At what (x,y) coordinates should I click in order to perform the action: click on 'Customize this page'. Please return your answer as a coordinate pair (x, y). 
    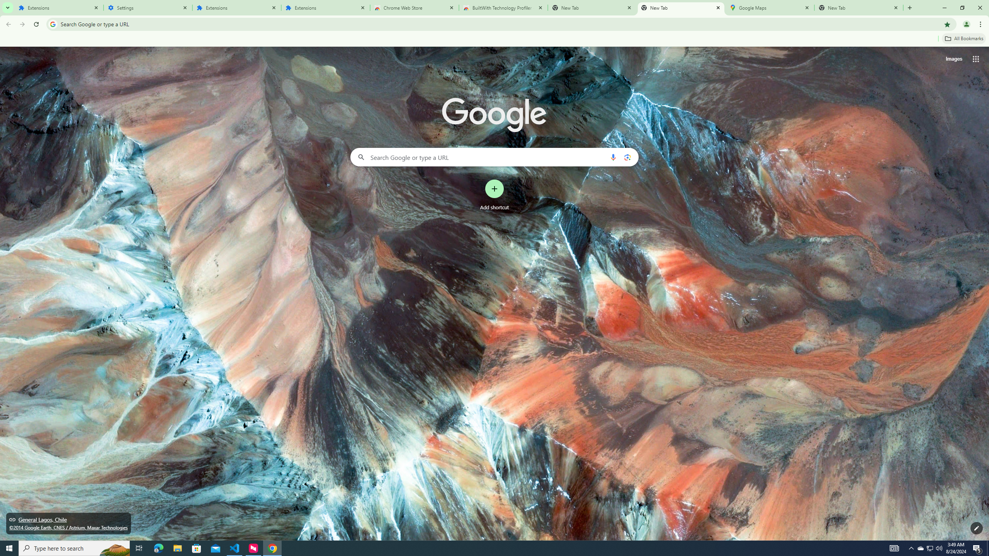
    Looking at the image, I should click on (976, 528).